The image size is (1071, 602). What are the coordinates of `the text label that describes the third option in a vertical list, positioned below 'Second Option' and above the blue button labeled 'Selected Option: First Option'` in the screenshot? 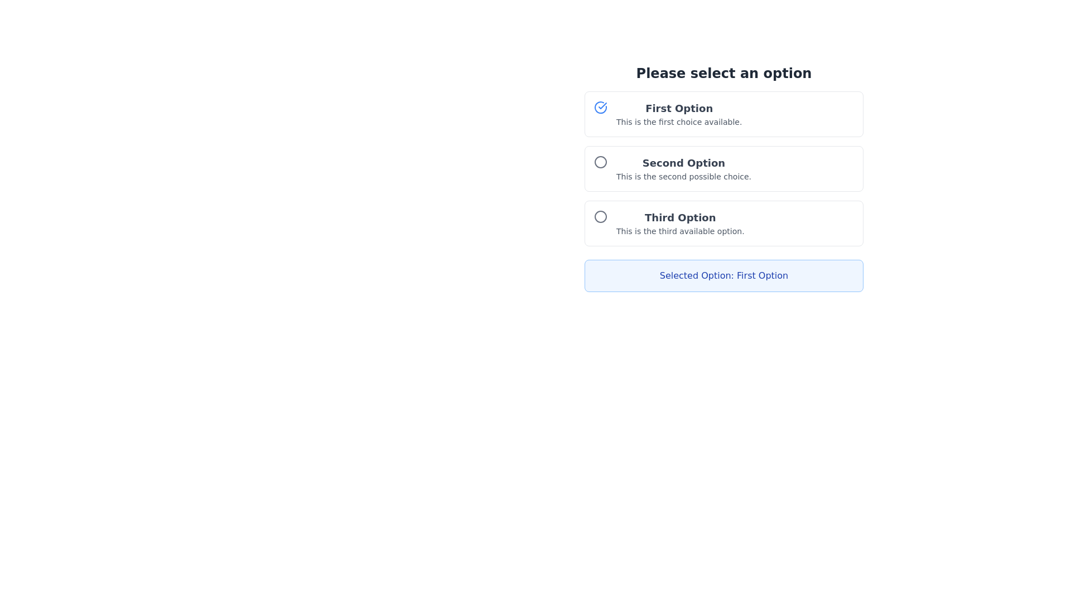 It's located at (679, 224).